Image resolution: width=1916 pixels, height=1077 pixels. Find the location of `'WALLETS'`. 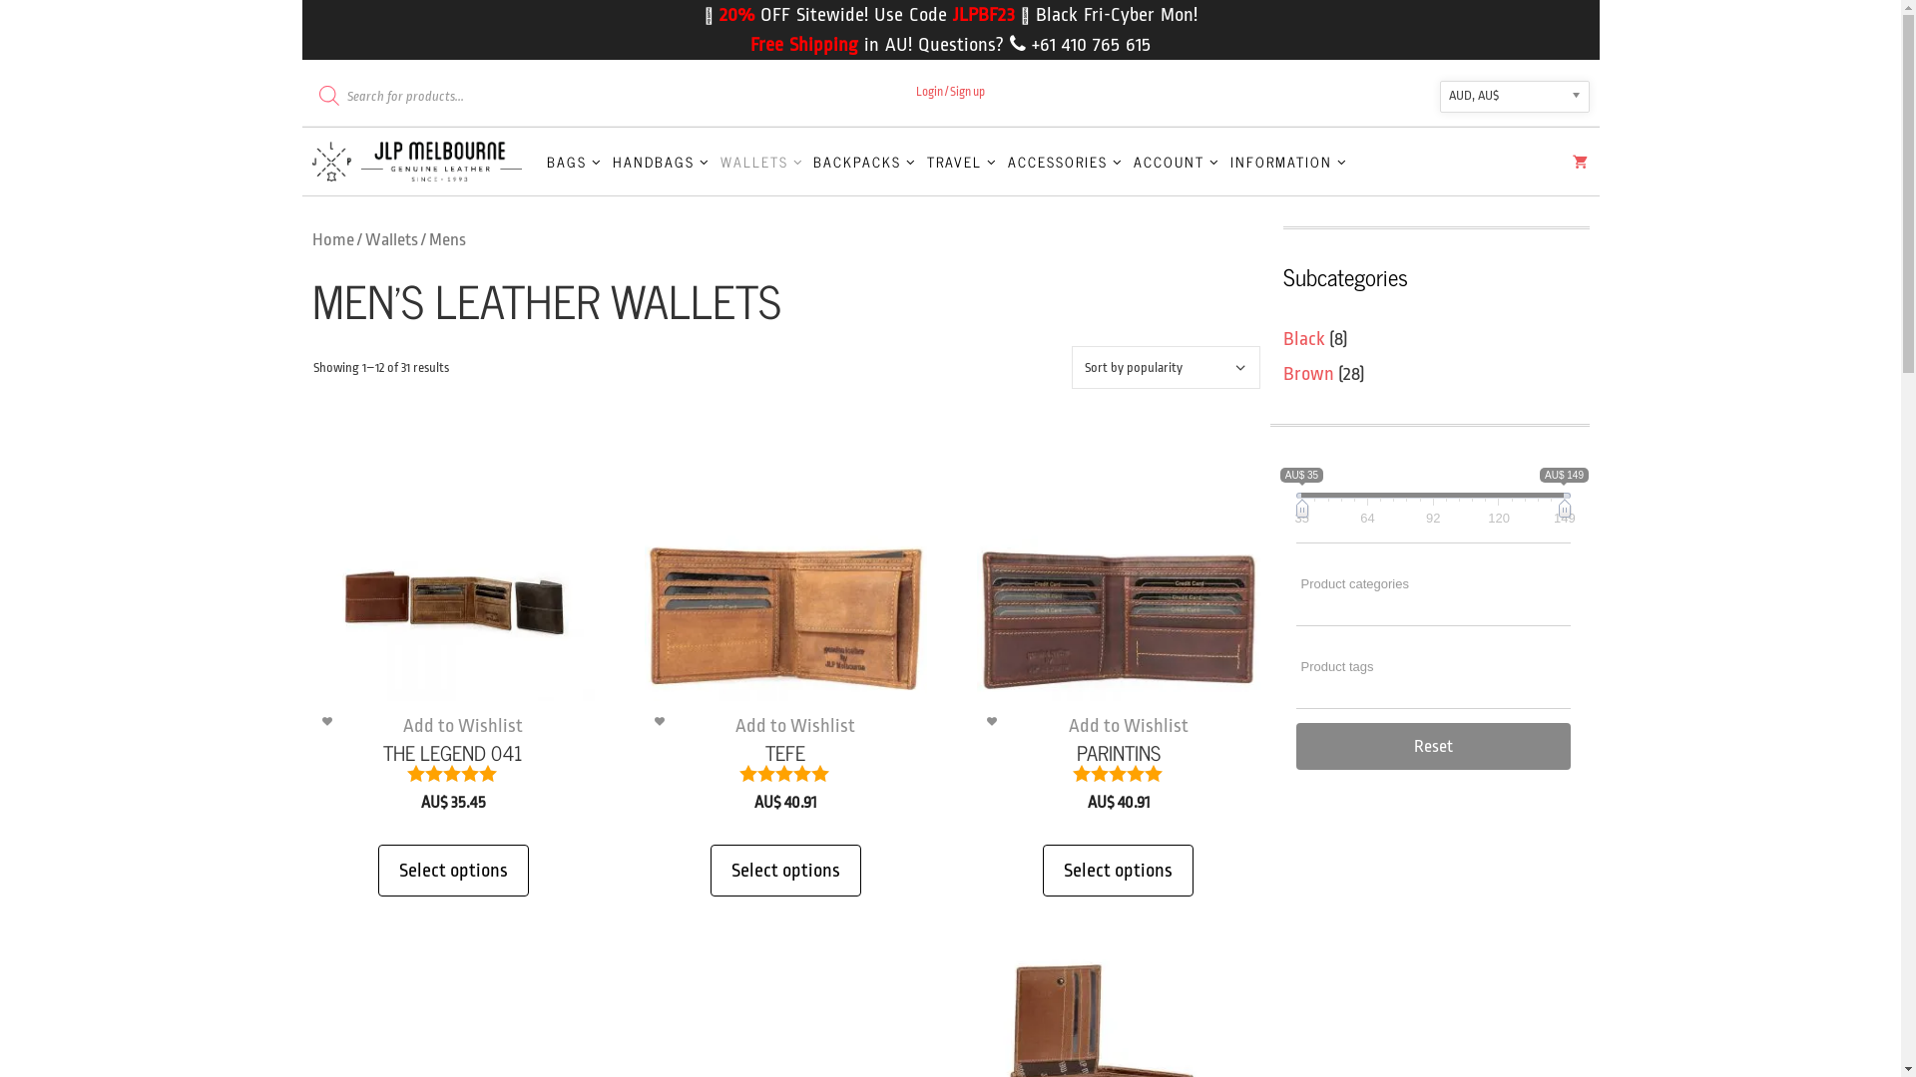

'WALLETS' is located at coordinates (760, 161).